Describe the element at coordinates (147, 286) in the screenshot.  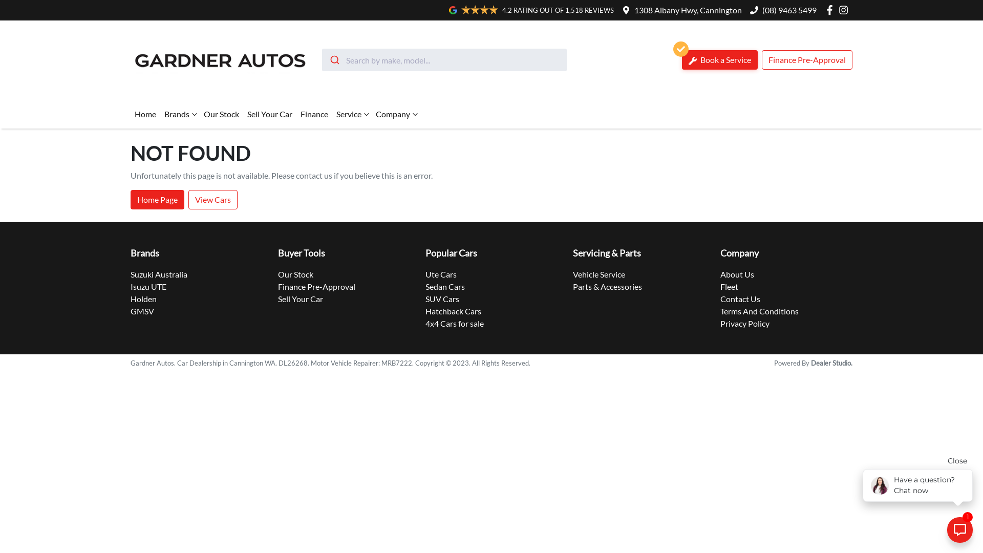
I see `'Isuzu UTE'` at that location.